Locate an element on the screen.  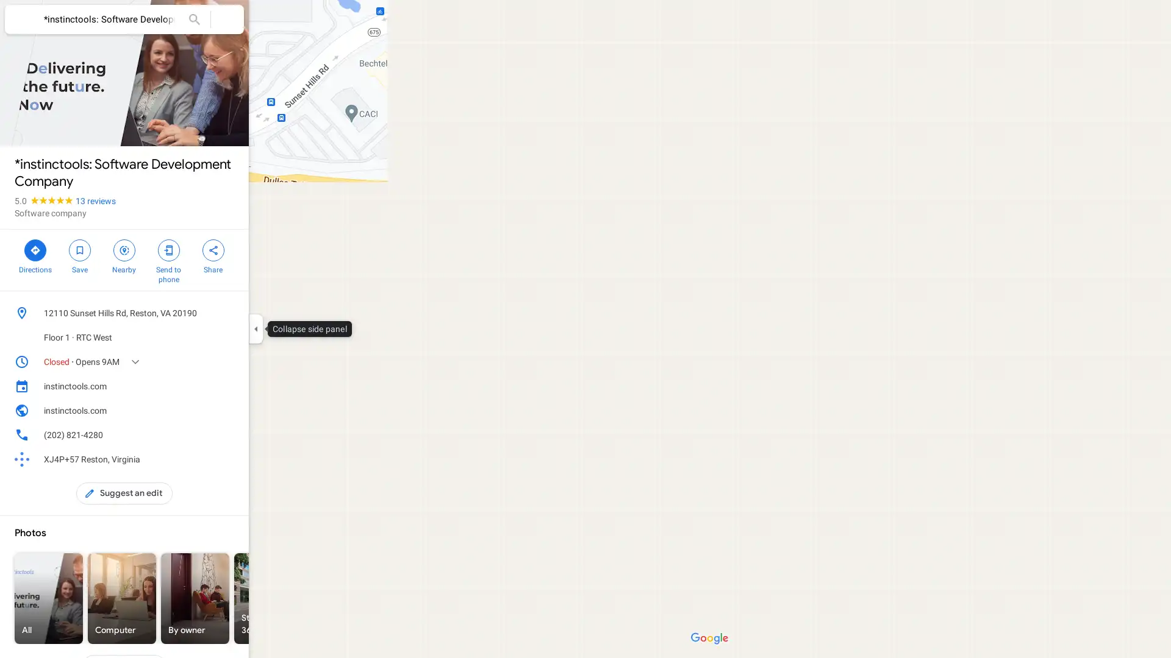
5.0 stars is located at coordinates (45, 200).